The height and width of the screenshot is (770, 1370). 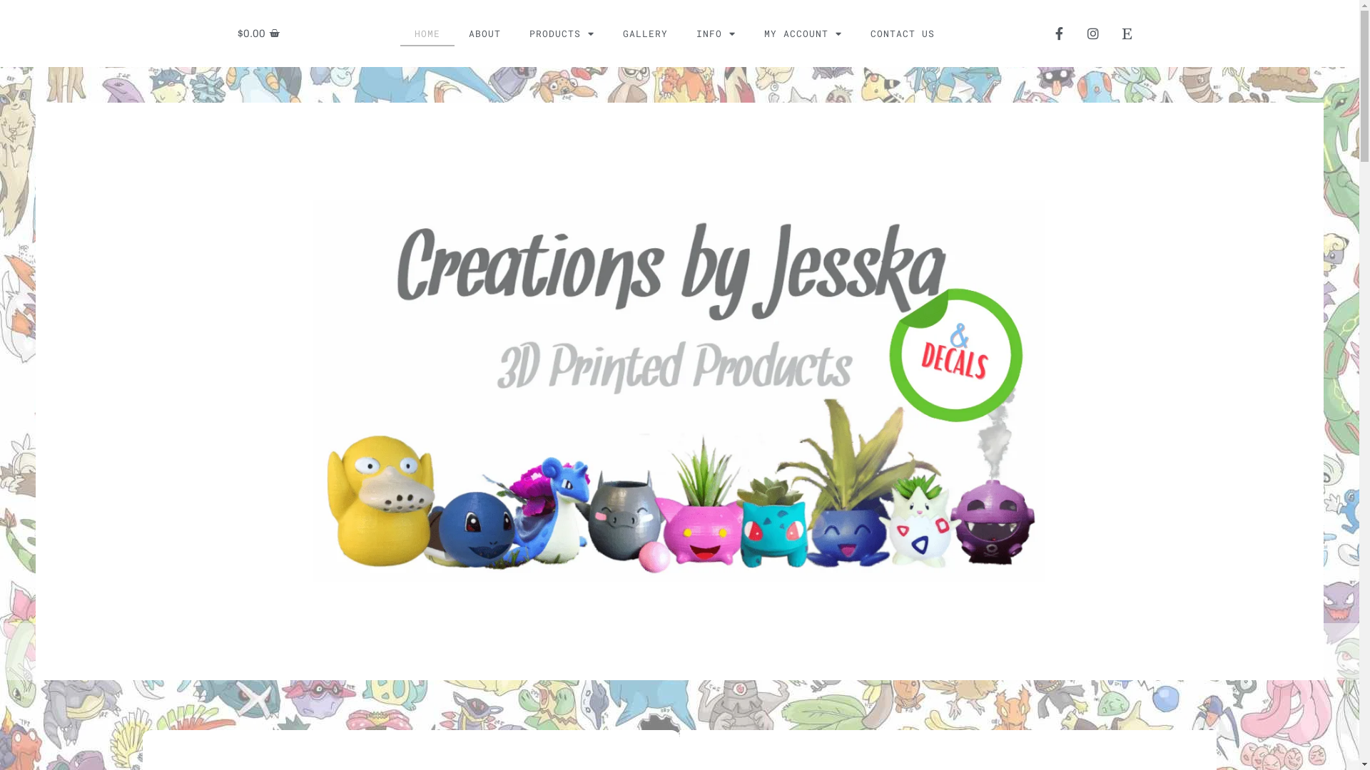 I want to click on 'ABOUT', so click(x=484, y=32).